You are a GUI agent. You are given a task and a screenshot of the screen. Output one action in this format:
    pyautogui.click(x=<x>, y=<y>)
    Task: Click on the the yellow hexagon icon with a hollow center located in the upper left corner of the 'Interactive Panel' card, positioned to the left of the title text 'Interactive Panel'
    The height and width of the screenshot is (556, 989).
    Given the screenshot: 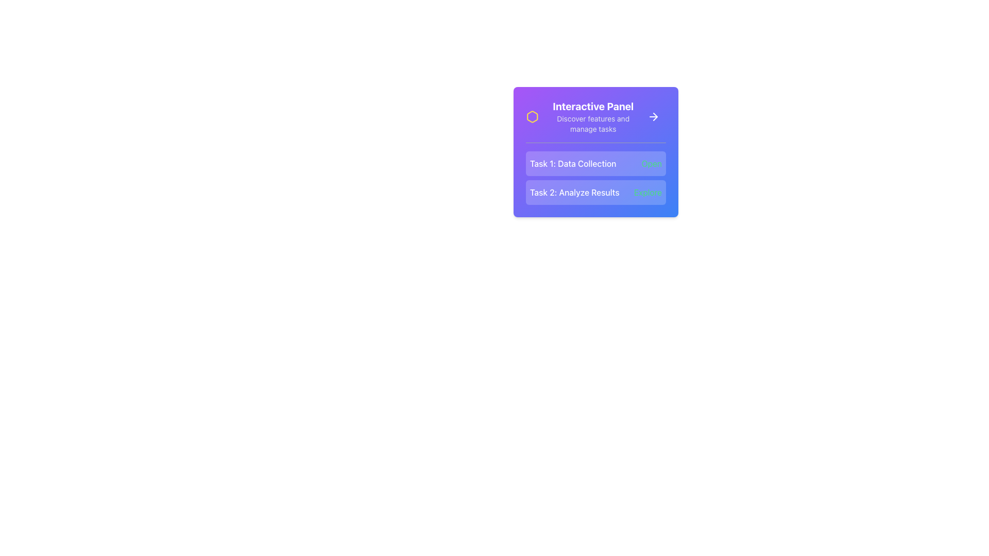 What is the action you would take?
    pyautogui.click(x=532, y=116)
    